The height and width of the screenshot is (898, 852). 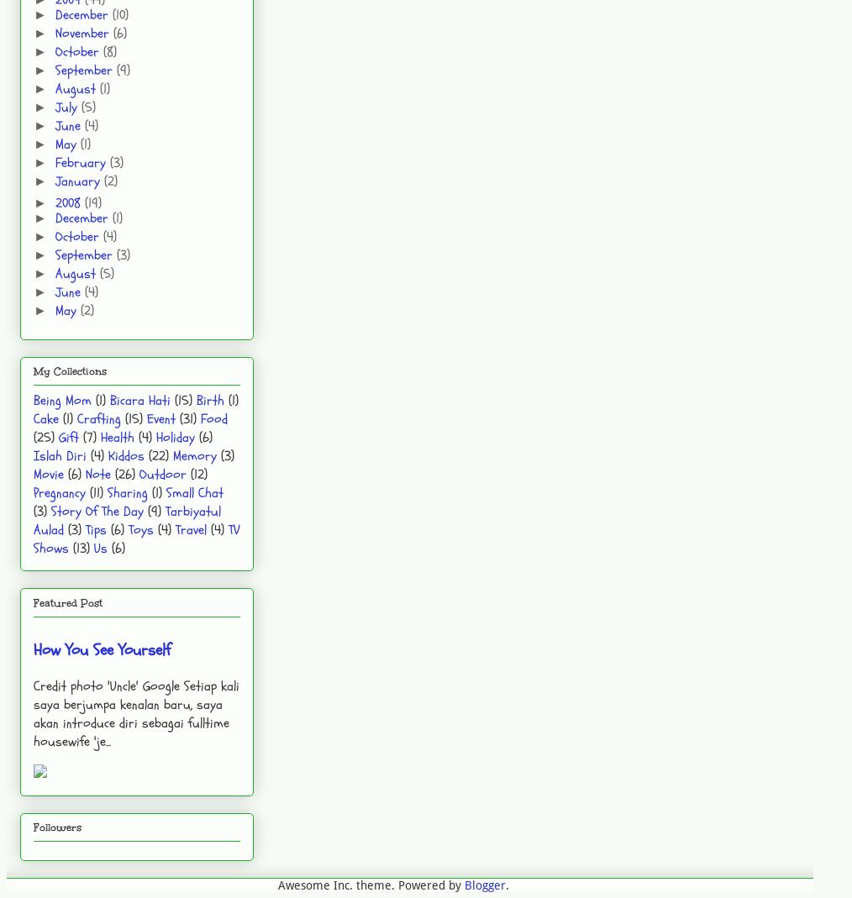 I want to click on 'Awesome Inc. theme. Powered by', so click(x=370, y=885).